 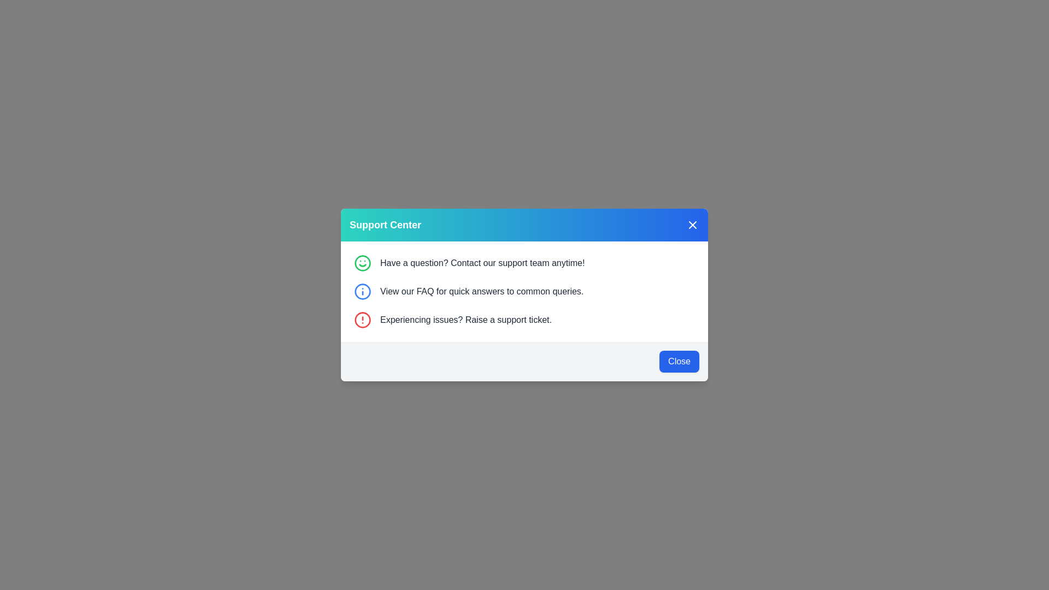 I want to click on the close button located at the bottom-right corner of the gray-colored, rounded box within the modal dialog, so click(x=679, y=362).